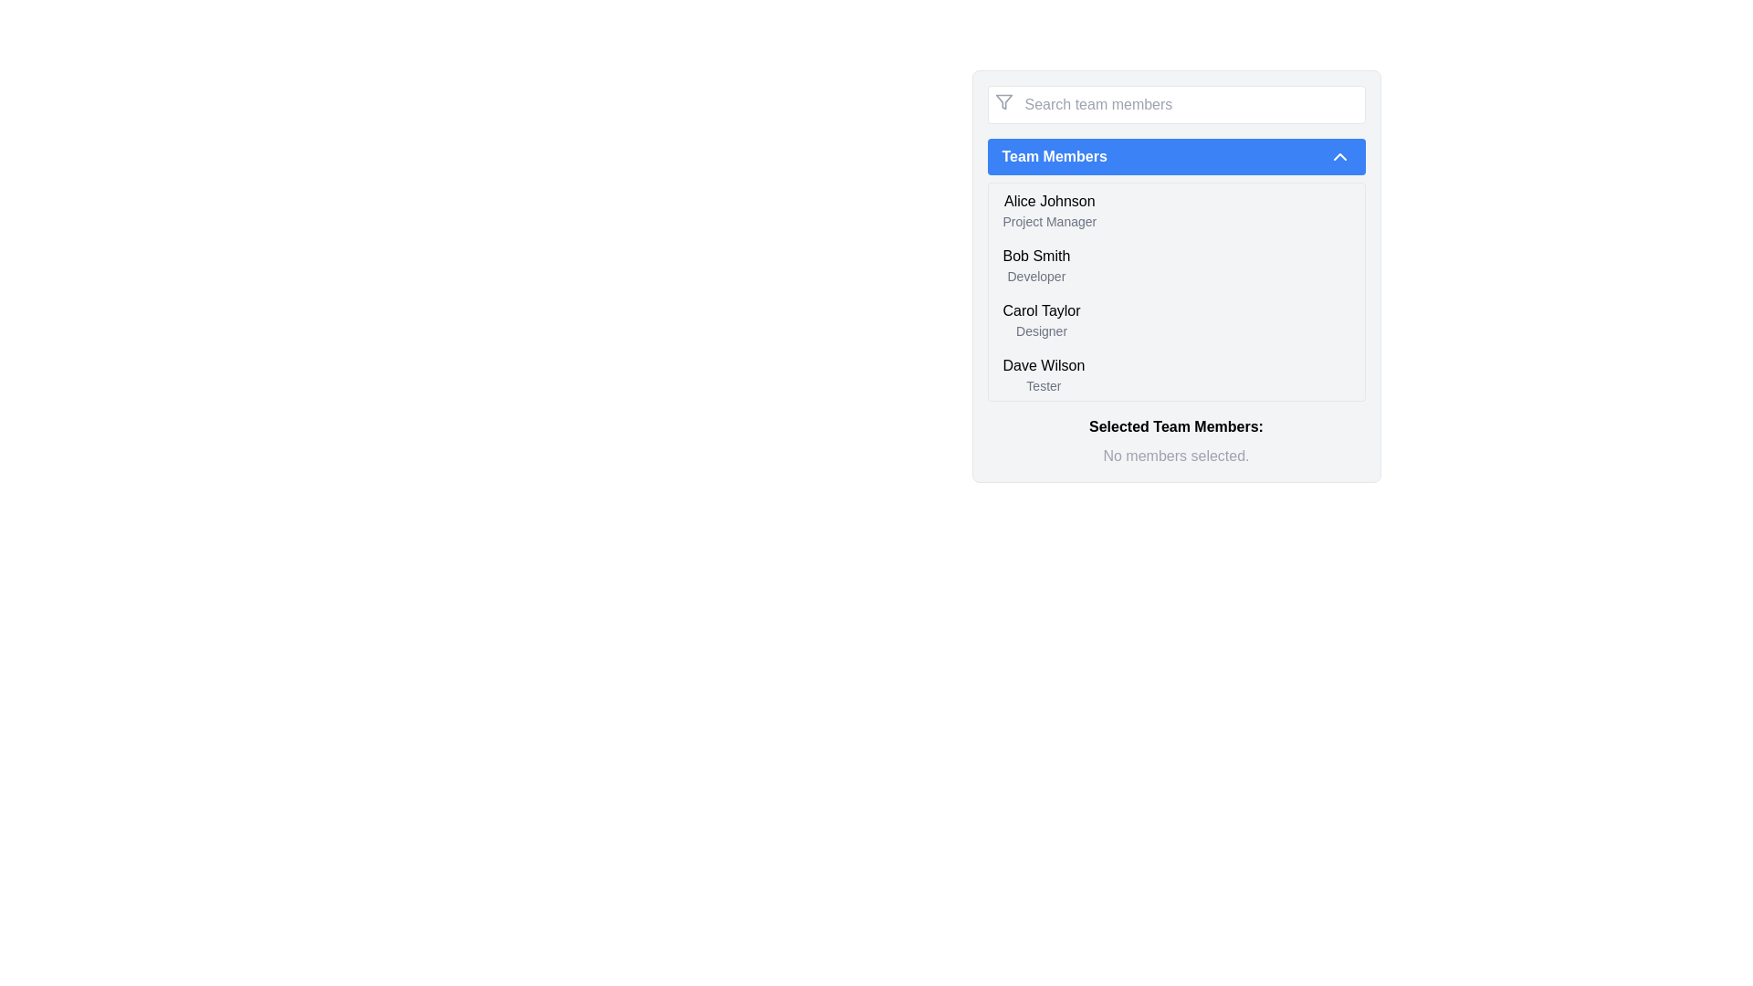 This screenshot has width=1753, height=986. I want to click on the name and role details of the team member 'Bob Smith', who is a 'Developer', located in the second position of the 'Team Members' list, so click(1036, 265).